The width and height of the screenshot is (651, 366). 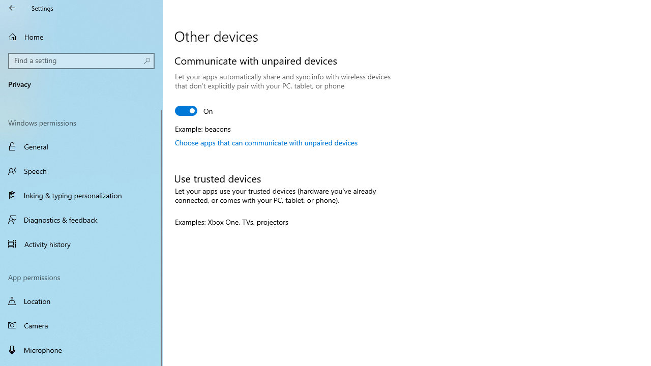 I want to click on 'Home', so click(x=81, y=36).